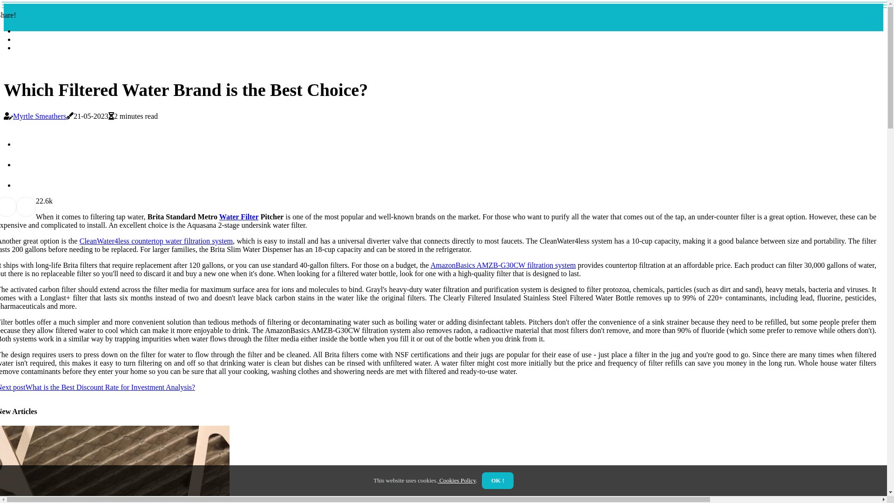 Image resolution: width=894 pixels, height=503 pixels. I want to click on 'AmazonBasics AMZB-G30CW filtration system', so click(502, 265).